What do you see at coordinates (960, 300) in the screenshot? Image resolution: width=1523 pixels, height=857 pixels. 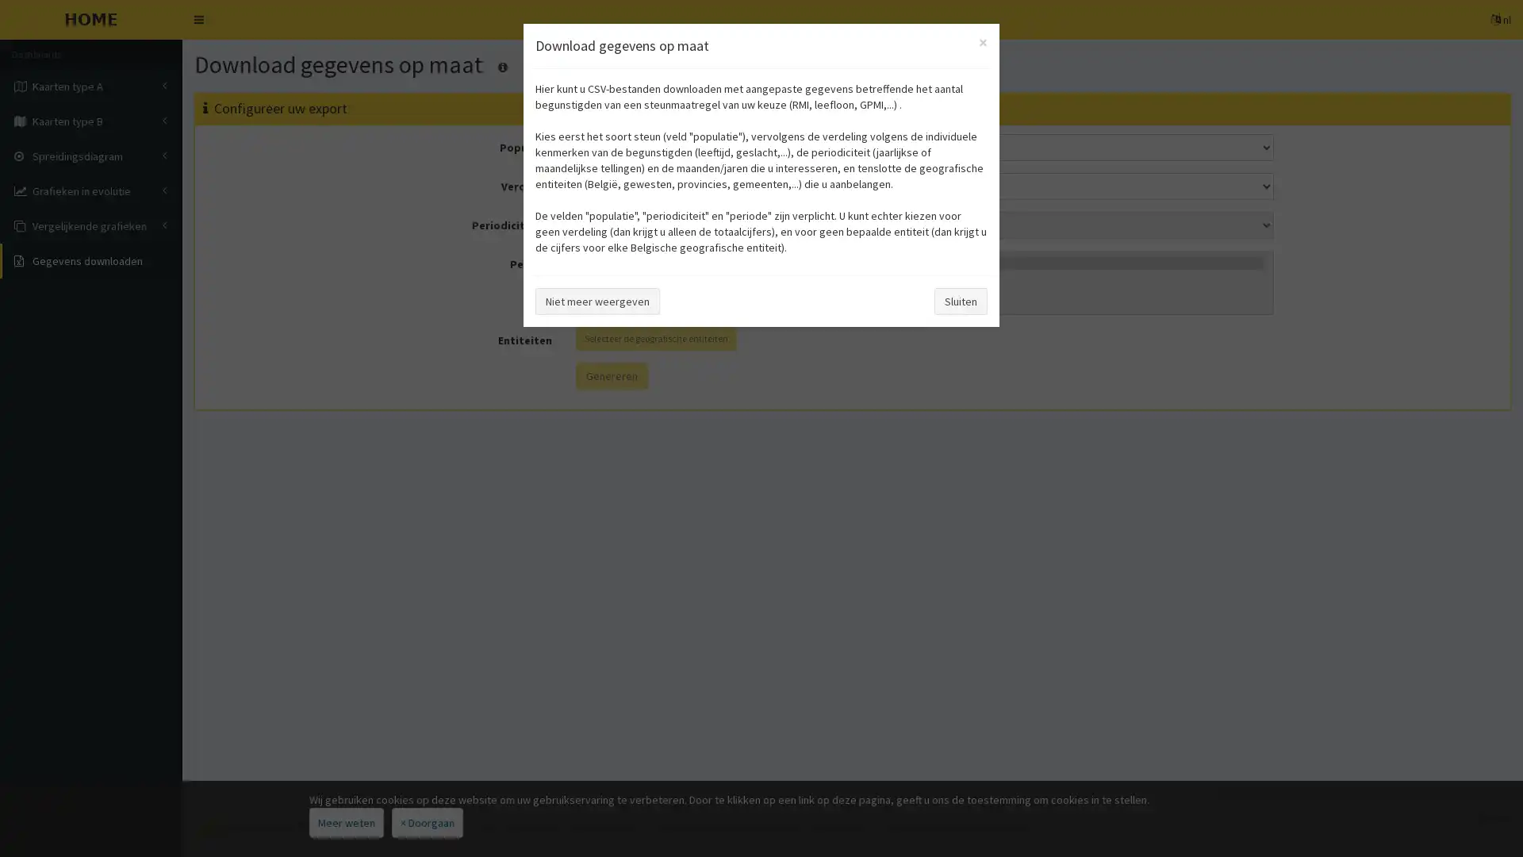 I see `Sluiten` at bounding box center [960, 300].